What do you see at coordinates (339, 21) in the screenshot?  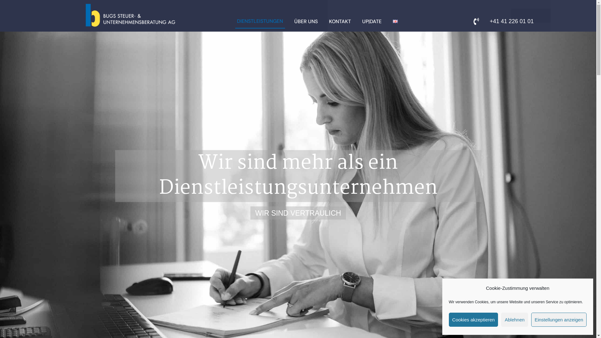 I see `'KONTAKT'` at bounding box center [339, 21].